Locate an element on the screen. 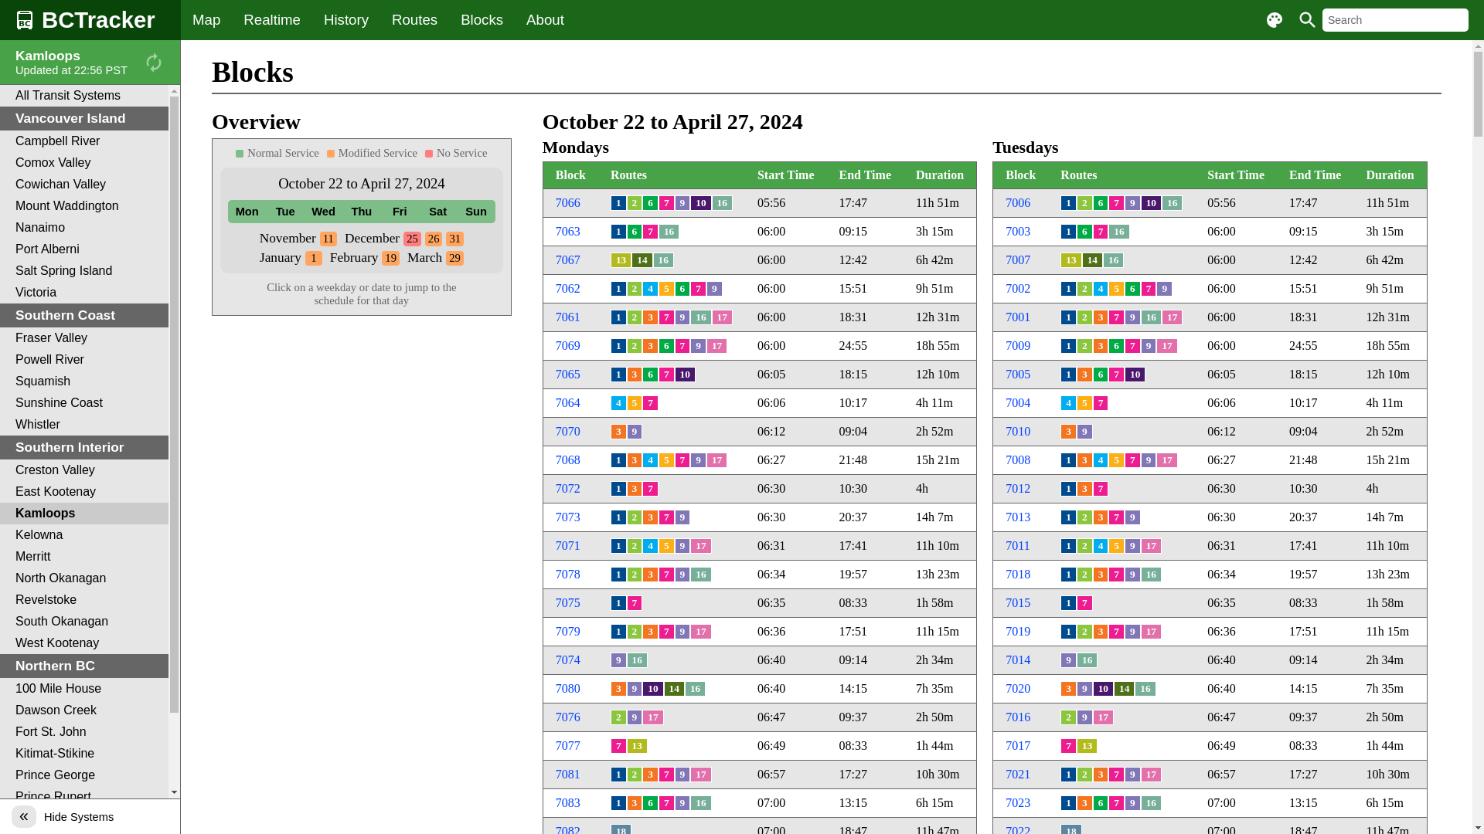 Image resolution: width=1484 pixels, height=834 pixels. '6' is located at coordinates (635, 232).